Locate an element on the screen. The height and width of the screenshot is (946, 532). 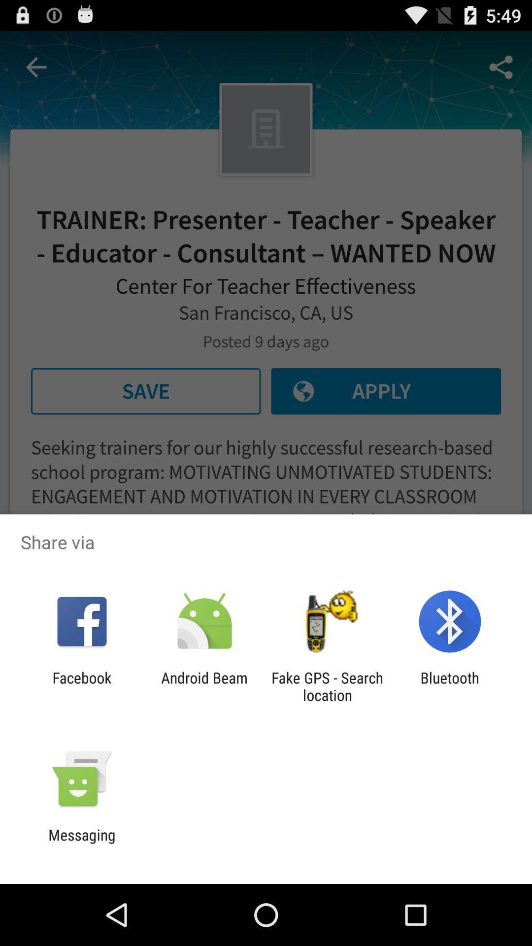
the icon next to fake gps search app is located at coordinates (450, 686).